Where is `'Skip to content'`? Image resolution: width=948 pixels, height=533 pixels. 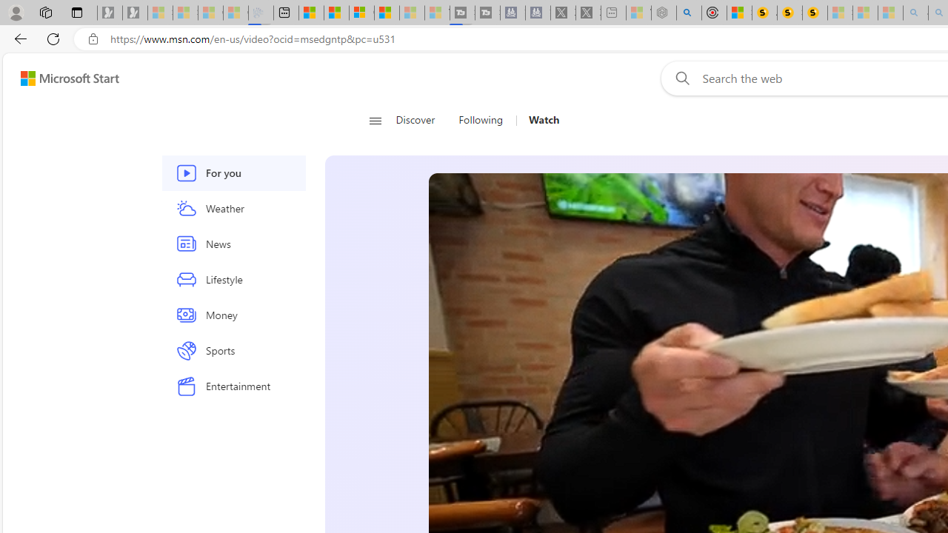 'Skip to content' is located at coordinates (64, 78).